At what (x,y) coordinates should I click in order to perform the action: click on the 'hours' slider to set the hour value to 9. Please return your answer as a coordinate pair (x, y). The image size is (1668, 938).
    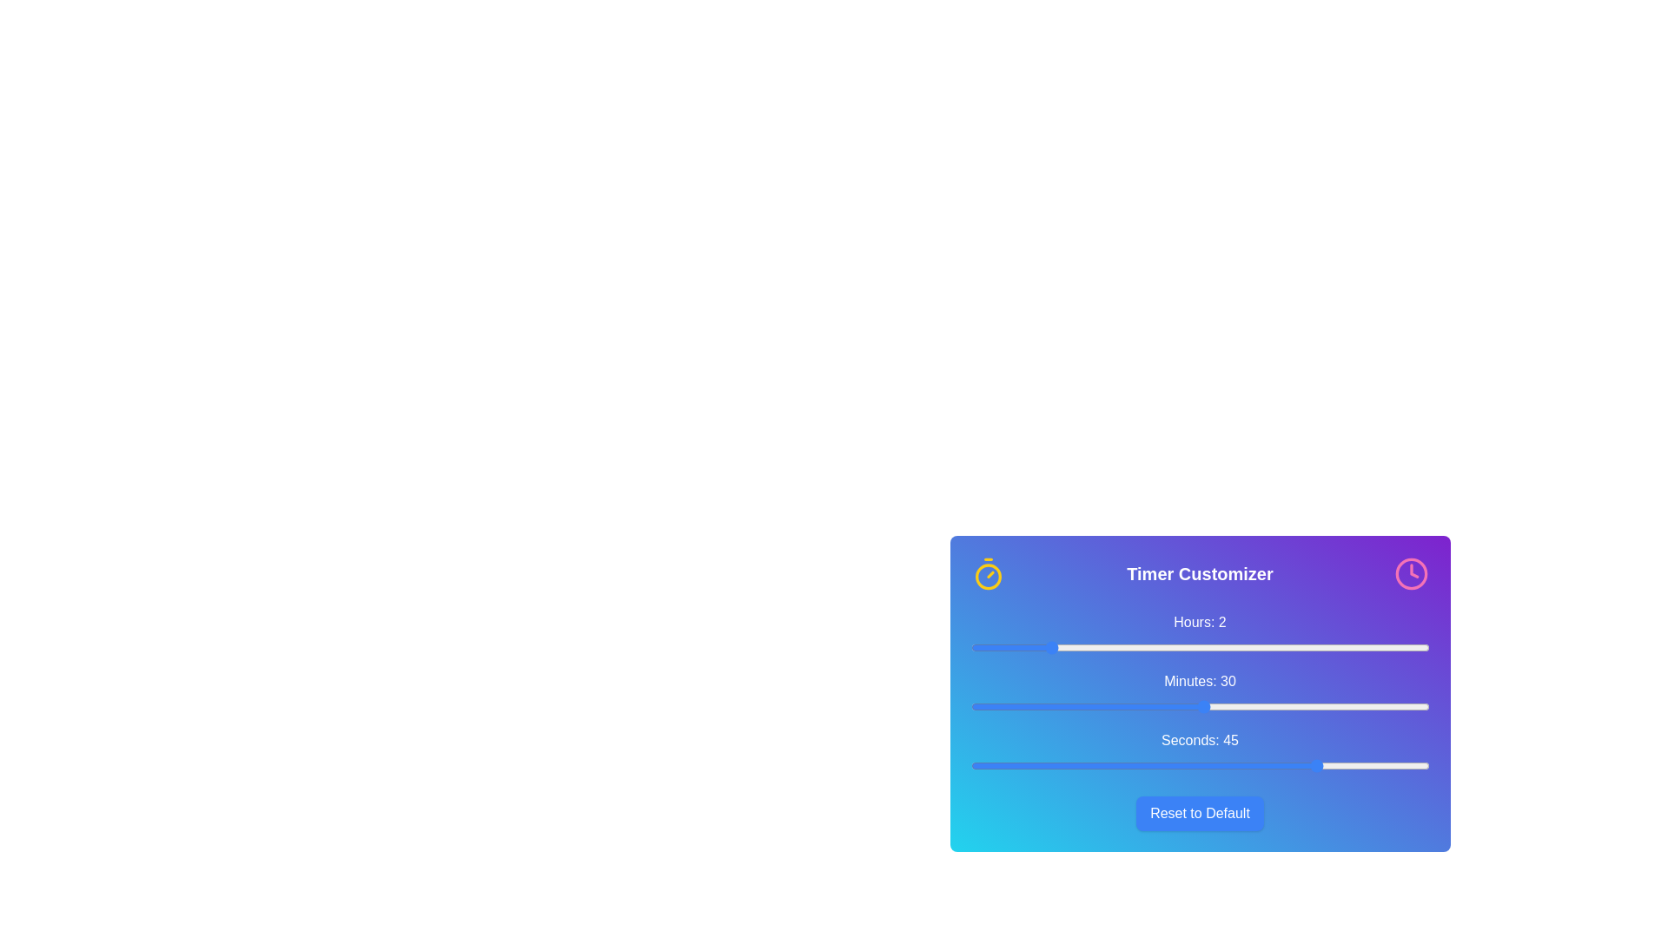
    Looking at the image, I should click on (1314, 647).